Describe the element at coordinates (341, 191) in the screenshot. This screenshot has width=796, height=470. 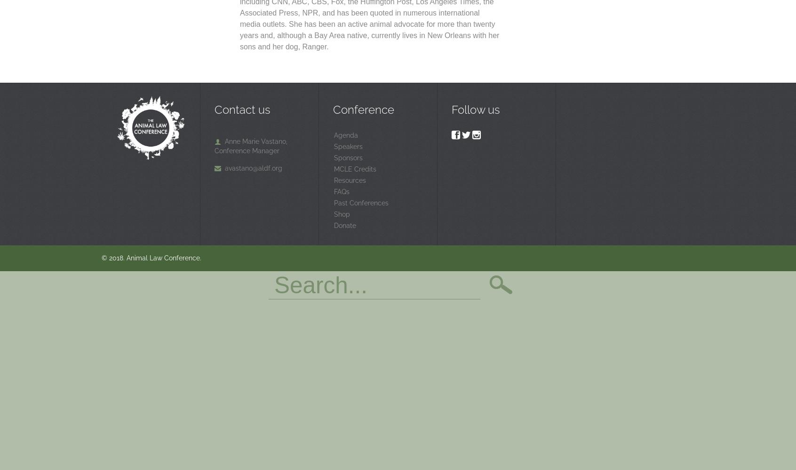
I see `'FAQs'` at that location.